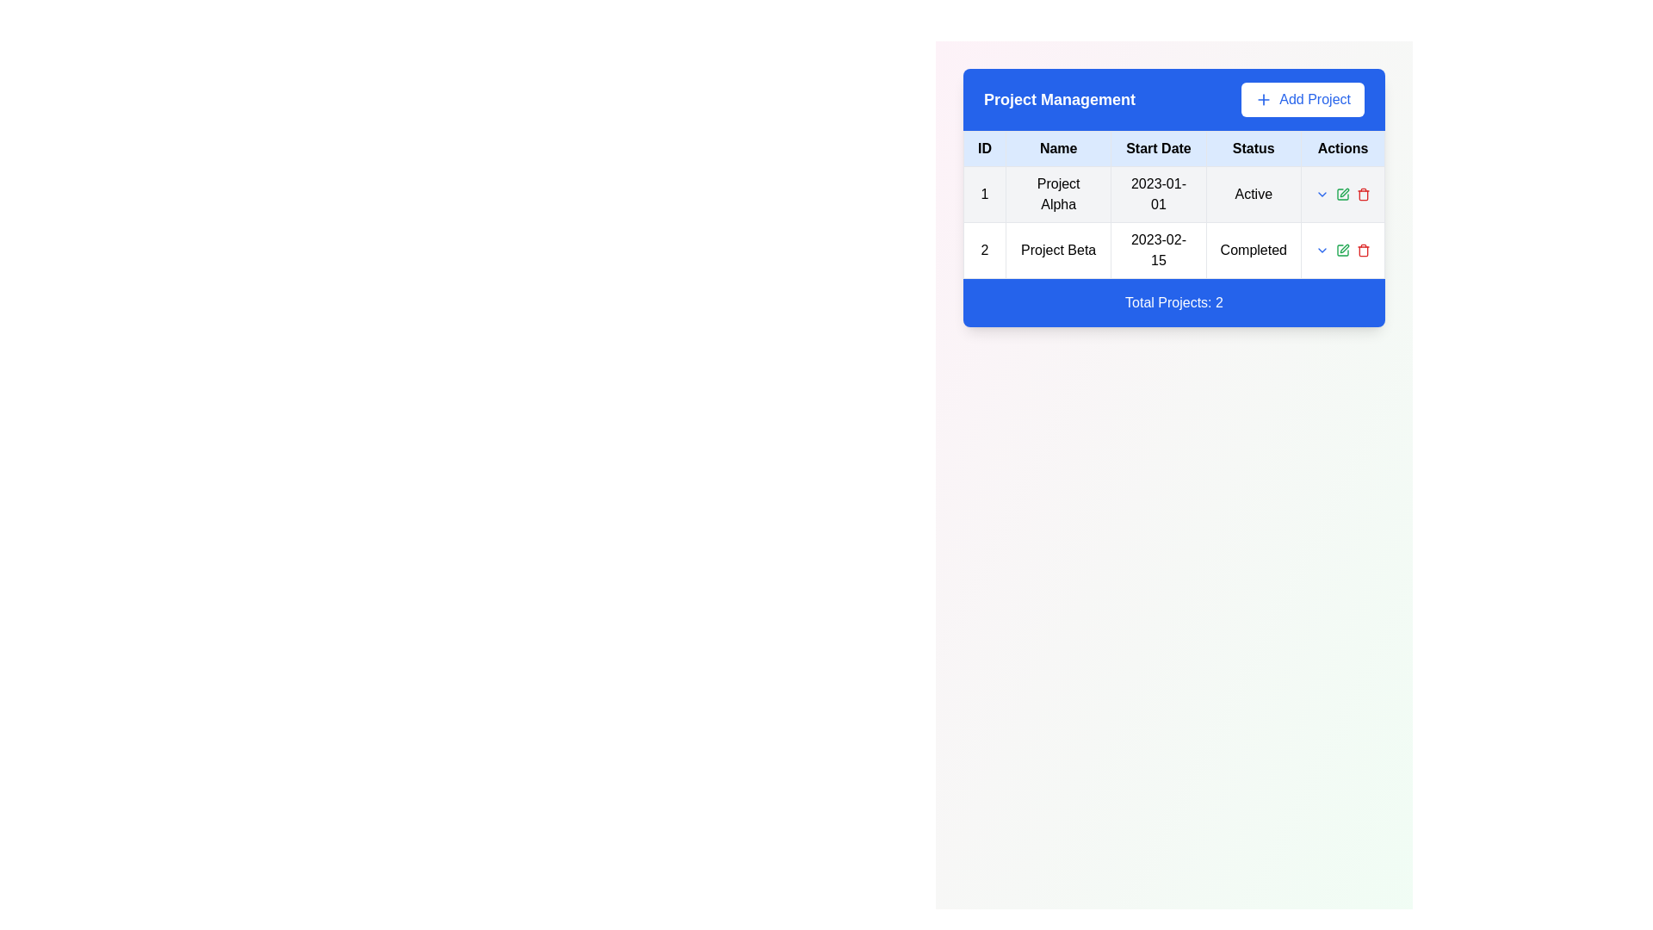 The image size is (1653, 930). Describe the element at coordinates (1254, 250) in the screenshot. I see `'Completed' status label located in the 'Status' column of the second row for the project 'Project Beta.'` at that location.